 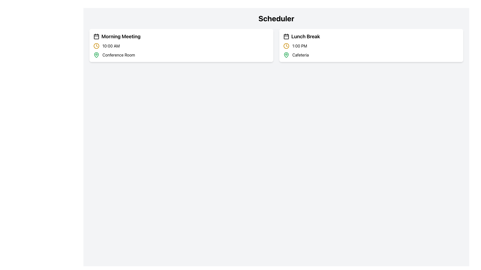 What do you see at coordinates (111, 46) in the screenshot?
I see `time displayed in the Text Label that indicates the scheduled timing of the 'Morning Meeting' event, located to the right of the clock icon and above 'Conference Room'` at bounding box center [111, 46].